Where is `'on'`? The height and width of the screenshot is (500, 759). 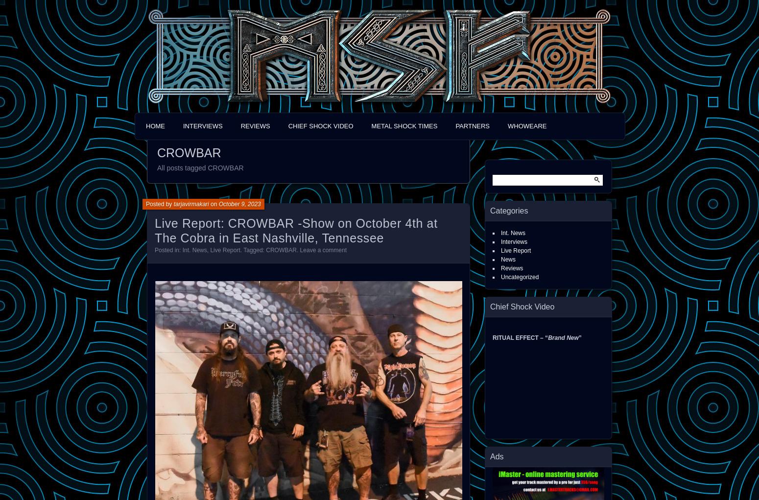
'on' is located at coordinates (213, 203).